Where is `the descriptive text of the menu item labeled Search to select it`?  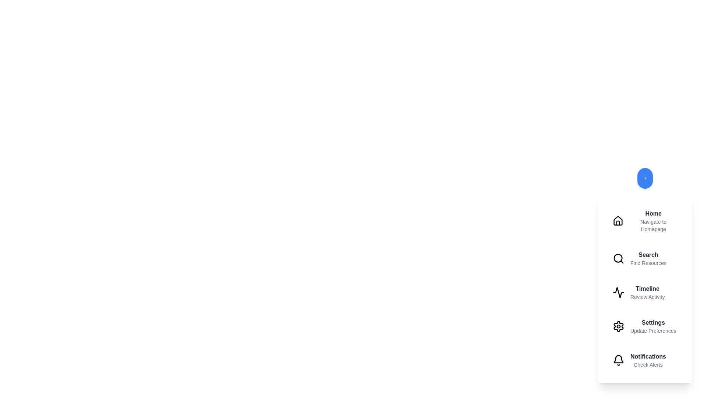
the descriptive text of the menu item labeled Search to select it is located at coordinates (648, 262).